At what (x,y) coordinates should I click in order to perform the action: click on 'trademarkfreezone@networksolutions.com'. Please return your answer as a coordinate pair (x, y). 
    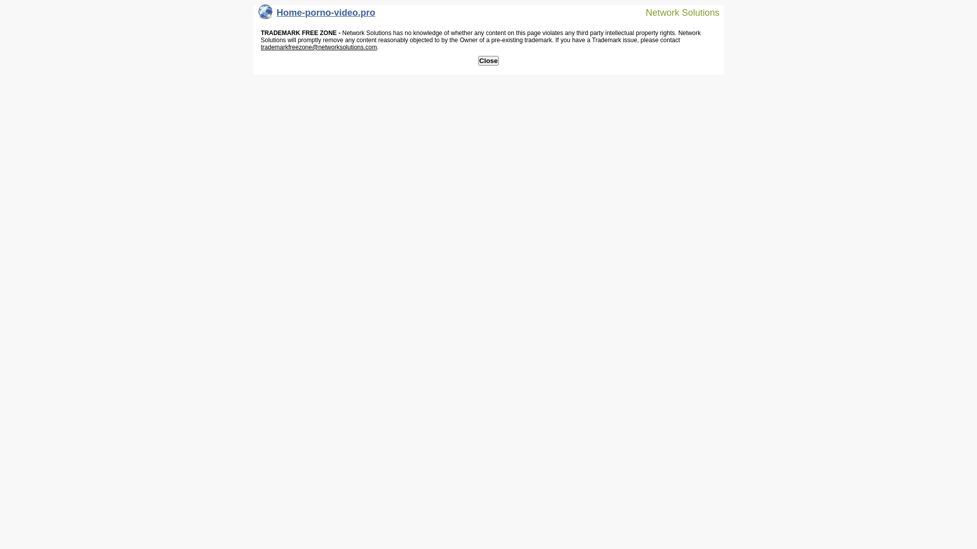
    Looking at the image, I should click on (261, 47).